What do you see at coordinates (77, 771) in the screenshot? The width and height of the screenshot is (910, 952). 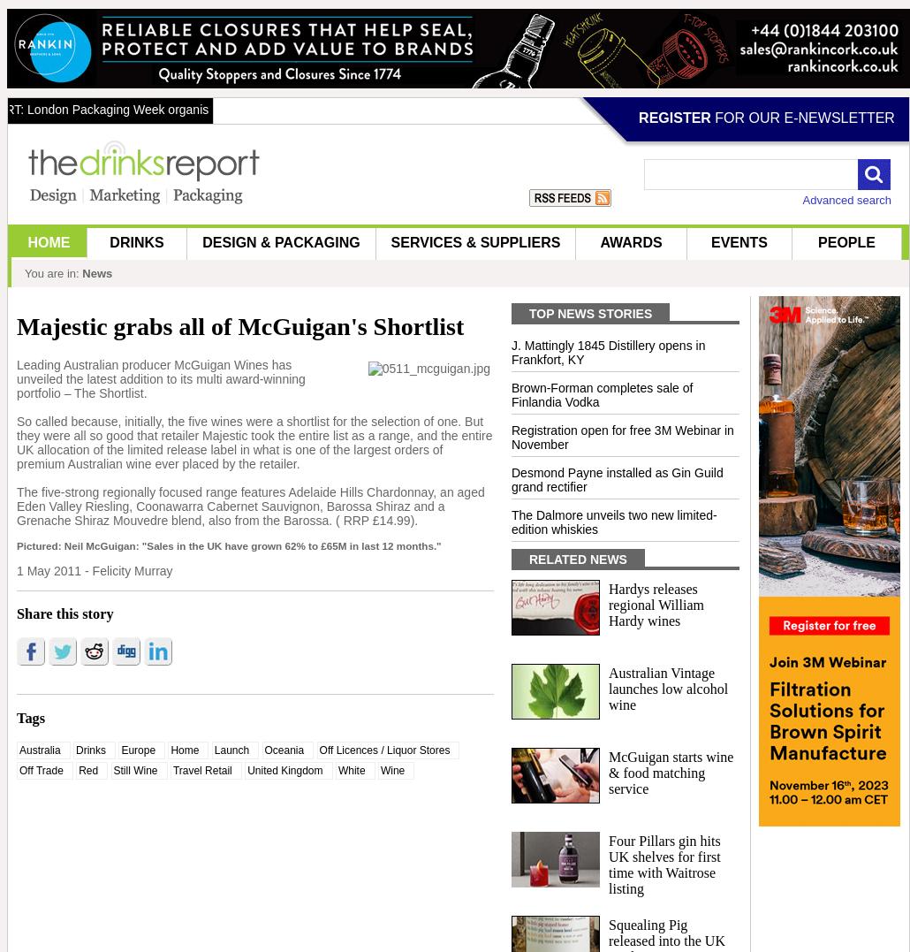 I see `'Red'` at bounding box center [77, 771].